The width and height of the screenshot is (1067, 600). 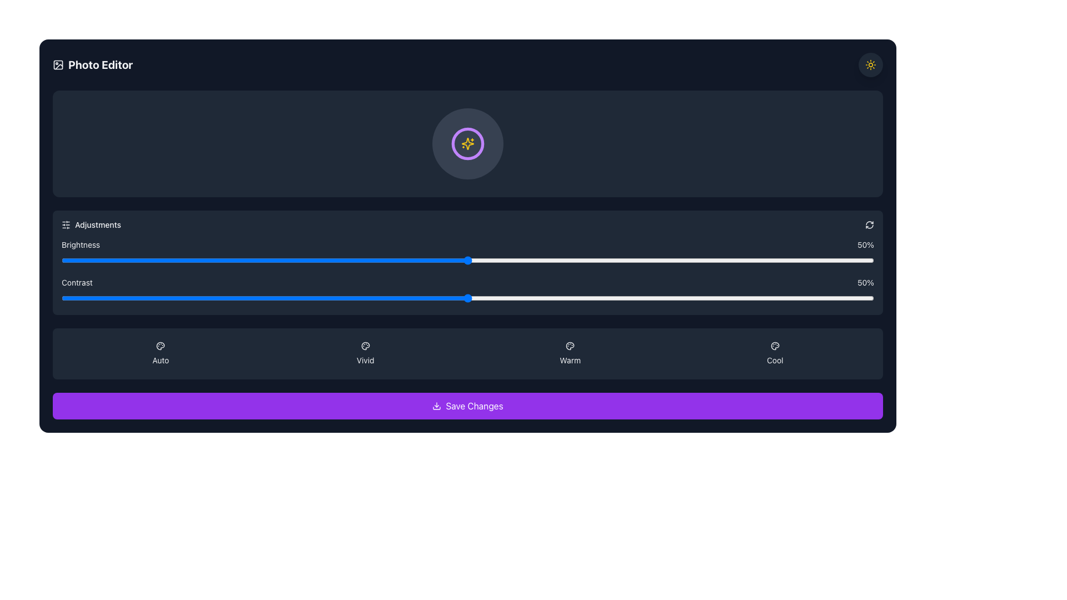 What do you see at coordinates (774, 346) in the screenshot?
I see `the small circular palette icon with a thin black stroke representing the 'Cool' label` at bounding box center [774, 346].